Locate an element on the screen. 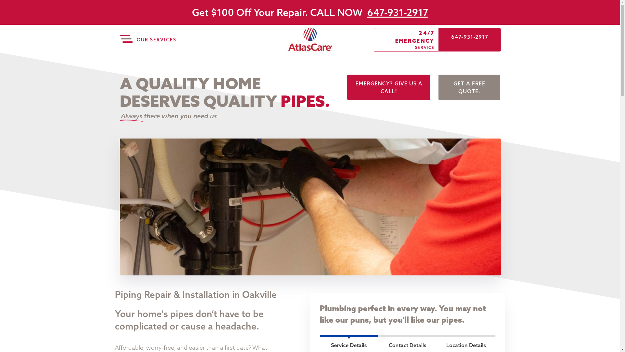 The width and height of the screenshot is (625, 352). 'GET A FREE QUOTE.' is located at coordinates (469, 87).